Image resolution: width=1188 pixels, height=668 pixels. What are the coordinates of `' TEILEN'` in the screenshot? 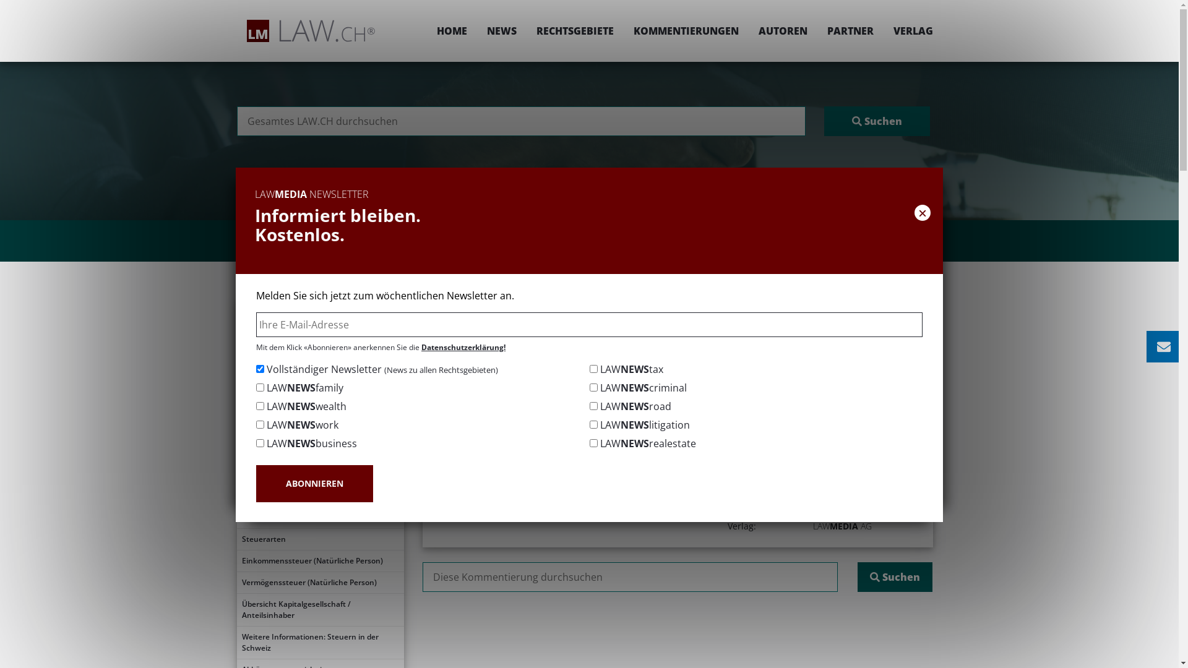 It's located at (807, 348).